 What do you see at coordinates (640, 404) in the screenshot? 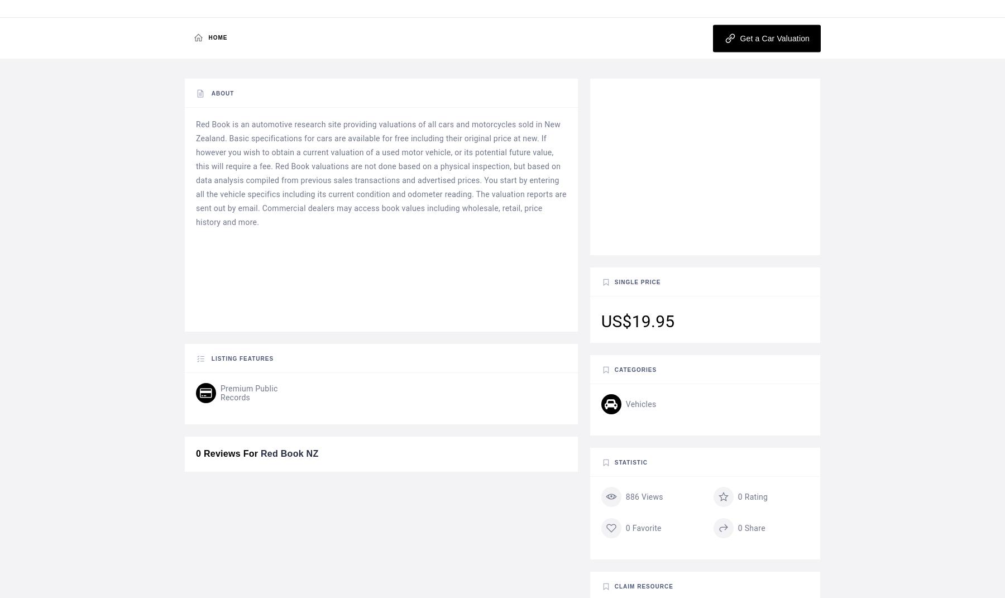
I see `'Vehicles'` at bounding box center [640, 404].